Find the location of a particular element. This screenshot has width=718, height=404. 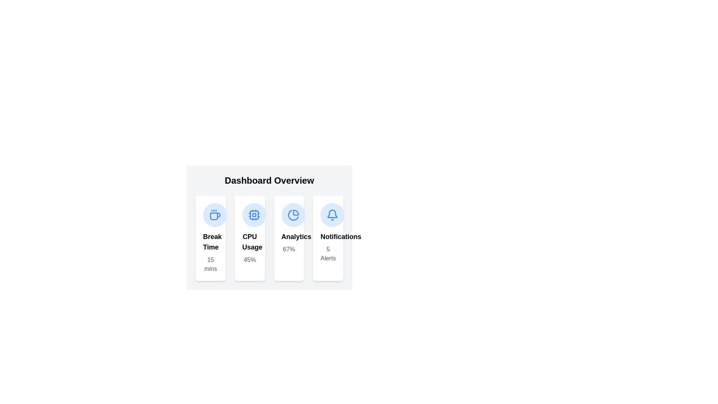

the 'CPU Usage' text label in the second card under 'Dashboard Overview' that displays the metric above '45%' is located at coordinates (250, 242).